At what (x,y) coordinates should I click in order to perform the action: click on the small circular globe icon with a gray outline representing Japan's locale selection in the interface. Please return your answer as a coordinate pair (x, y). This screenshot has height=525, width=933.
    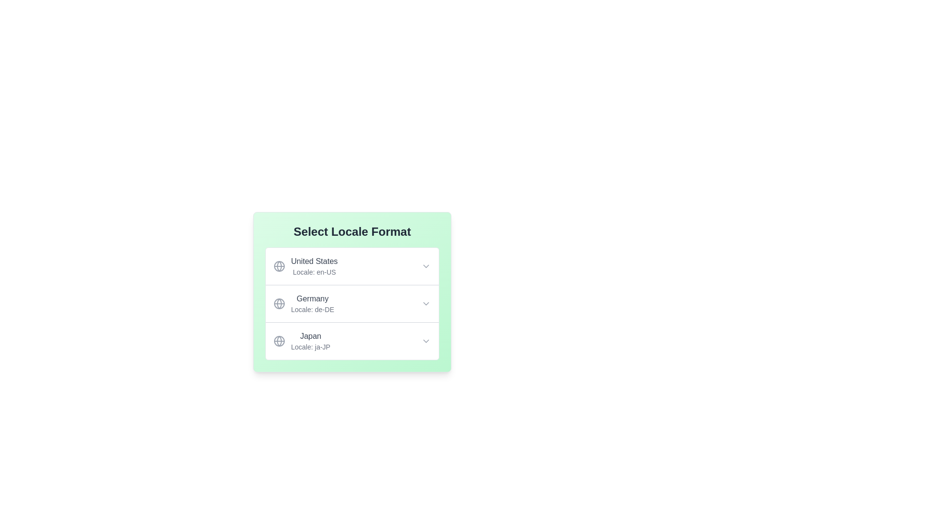
    Looking at the image, I should click on (279, 341).